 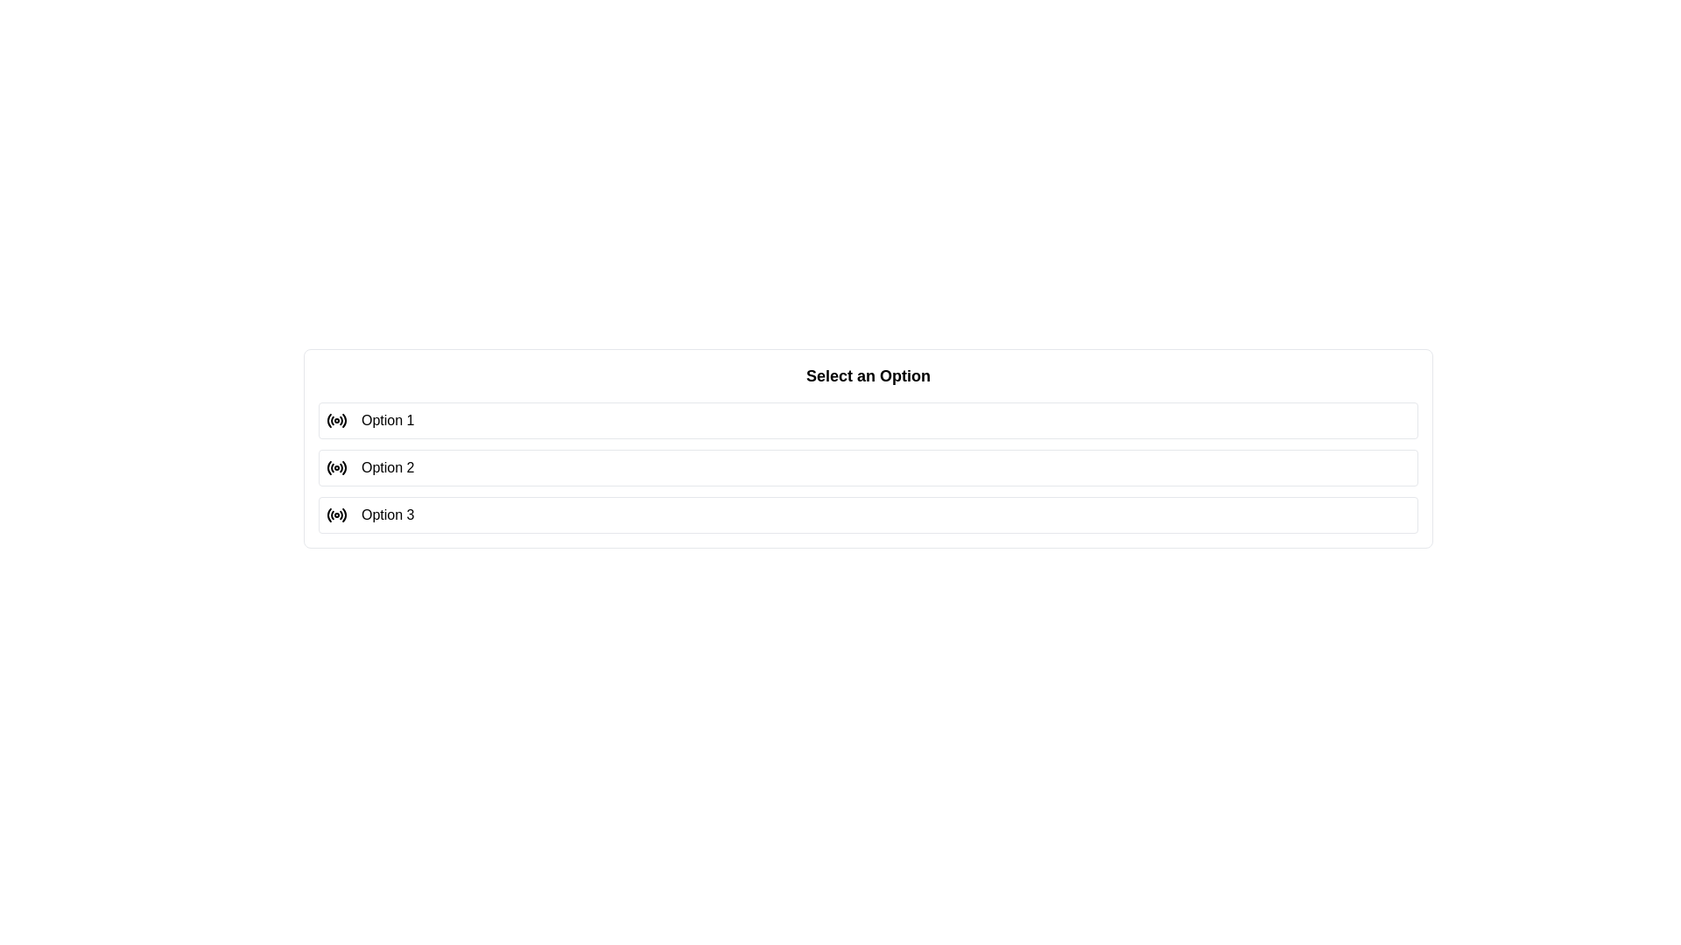 I want to click on the radio button representing 'Option 1' to trigger potential tooltips or highlights, so click(x=336, y=421).